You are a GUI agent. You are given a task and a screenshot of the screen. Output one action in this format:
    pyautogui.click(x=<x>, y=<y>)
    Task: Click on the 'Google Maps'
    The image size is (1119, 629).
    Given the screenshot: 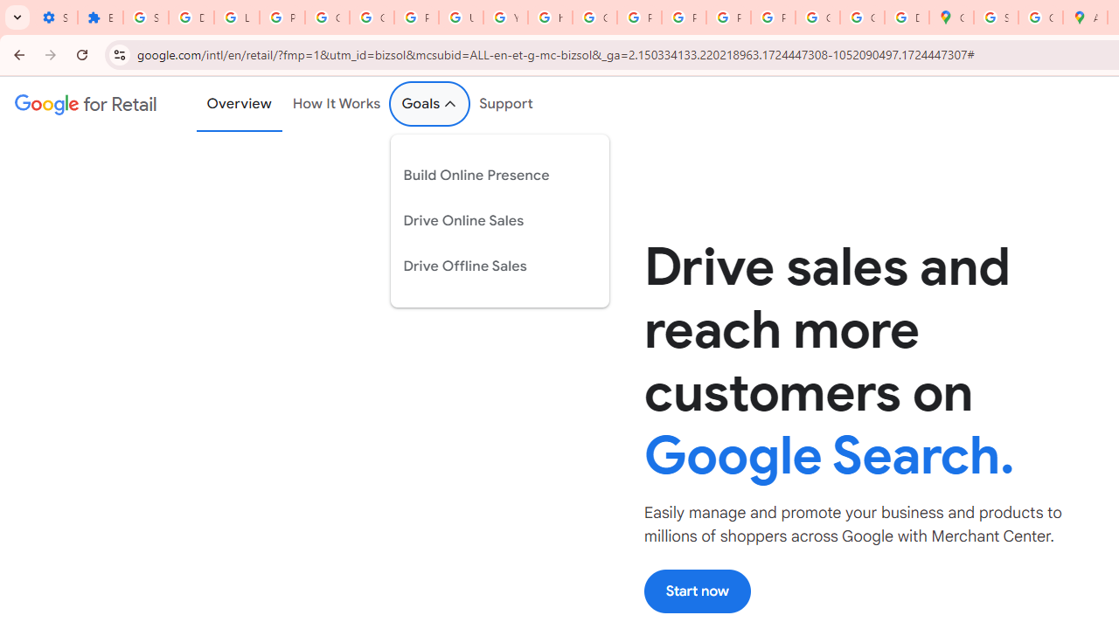 What is the action you would take?
    pyautogui.click(x=950, y=17)
    